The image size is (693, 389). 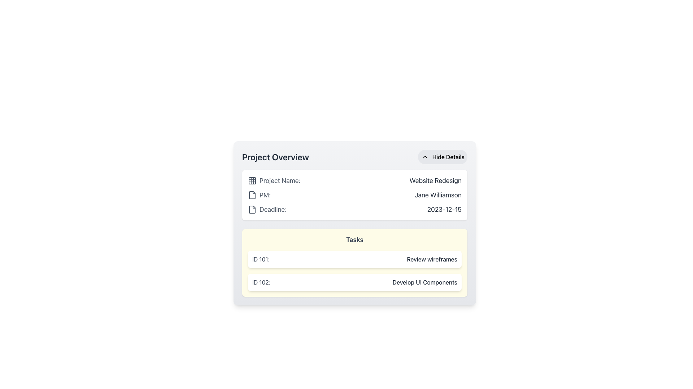 I want to click on text content of the text label located in the bottom task item of the 'Tasks' section, which provides details about a specific action or deliverable, so click(x=425, y=282).